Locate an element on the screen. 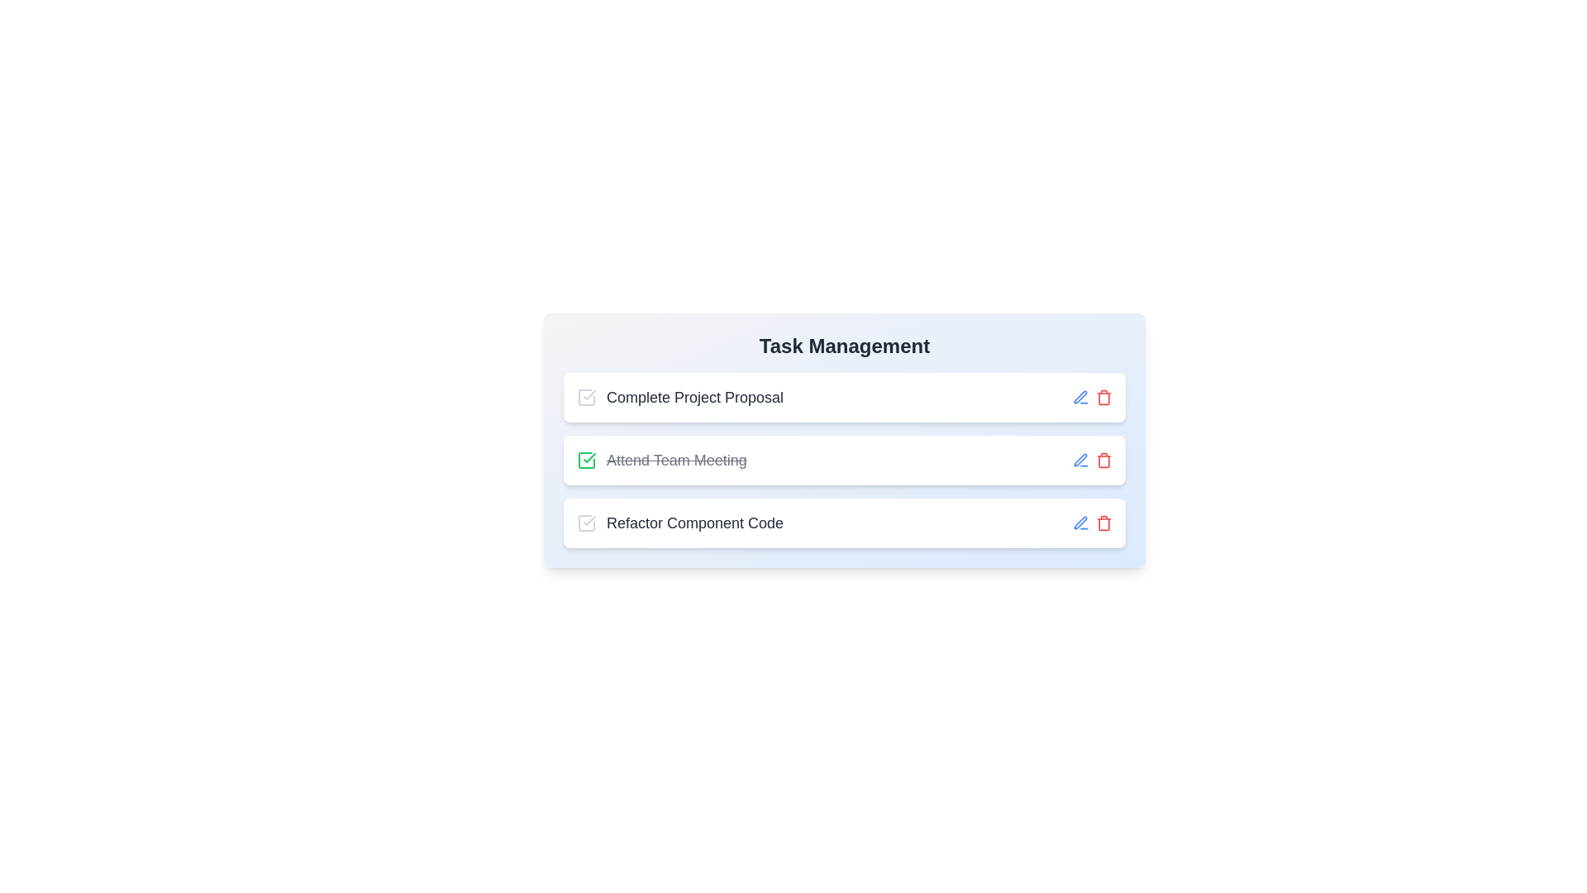  the green check mark icon representing task completion status for the 'Attend Team Meeting' task is located at coordinates (587, 460).